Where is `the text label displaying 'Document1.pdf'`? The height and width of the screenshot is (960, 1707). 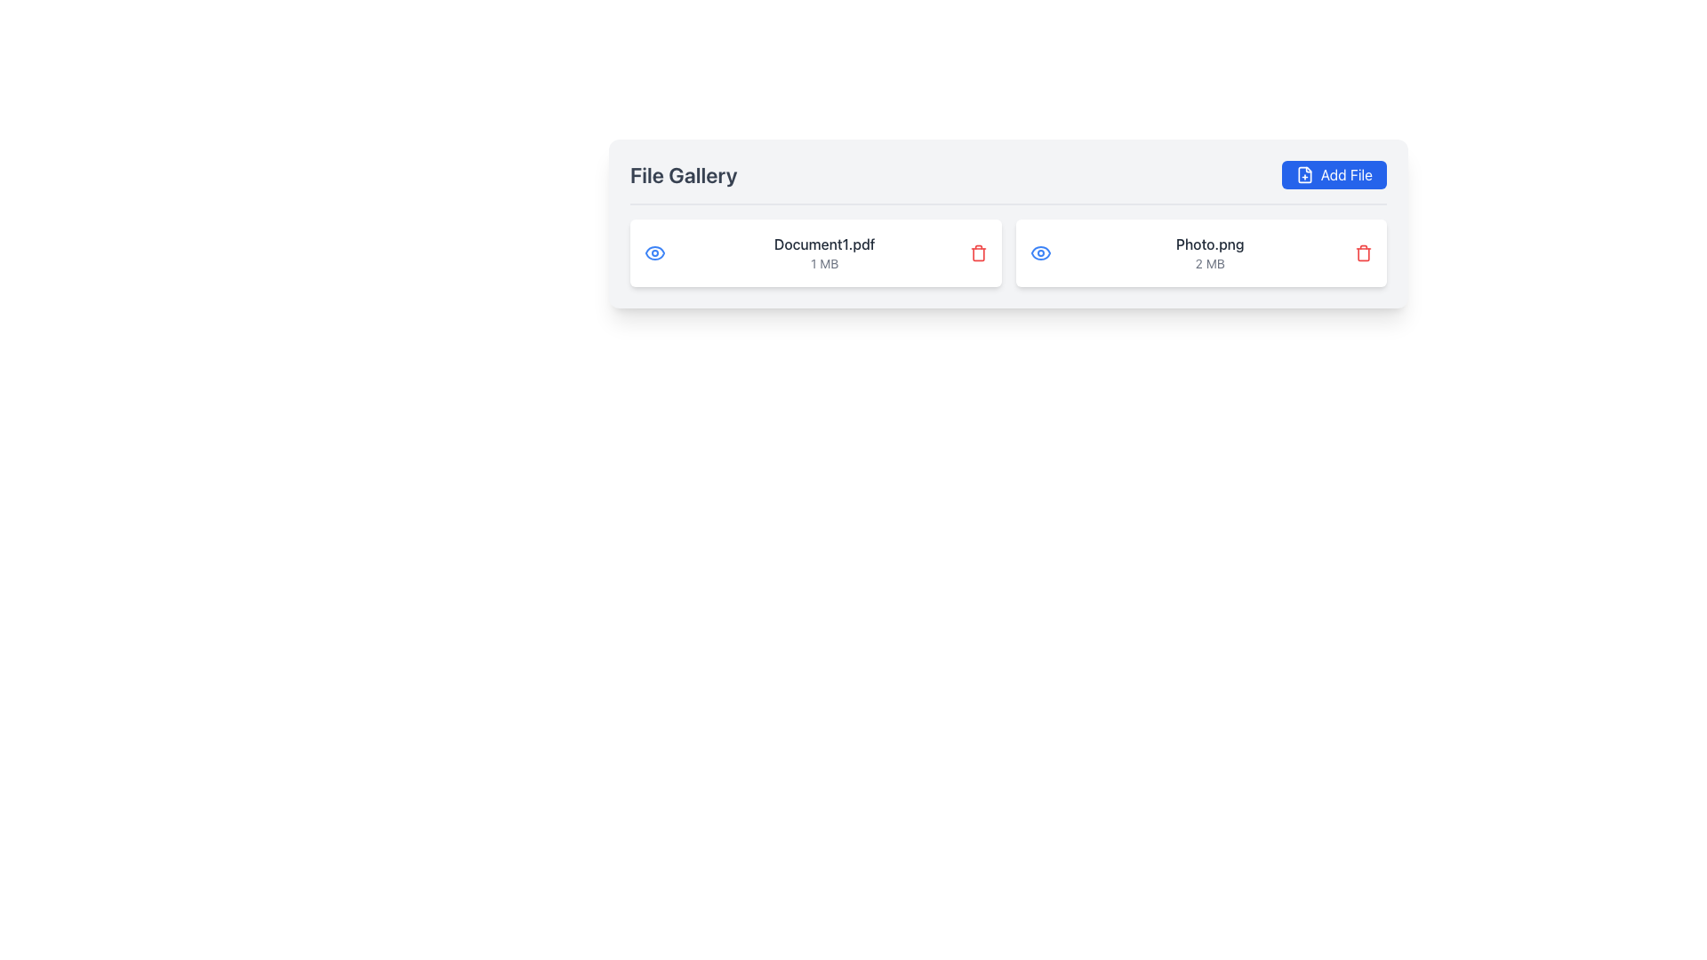 the text label displaying 'Document1.pdf' is located at coordinates (823, 244).